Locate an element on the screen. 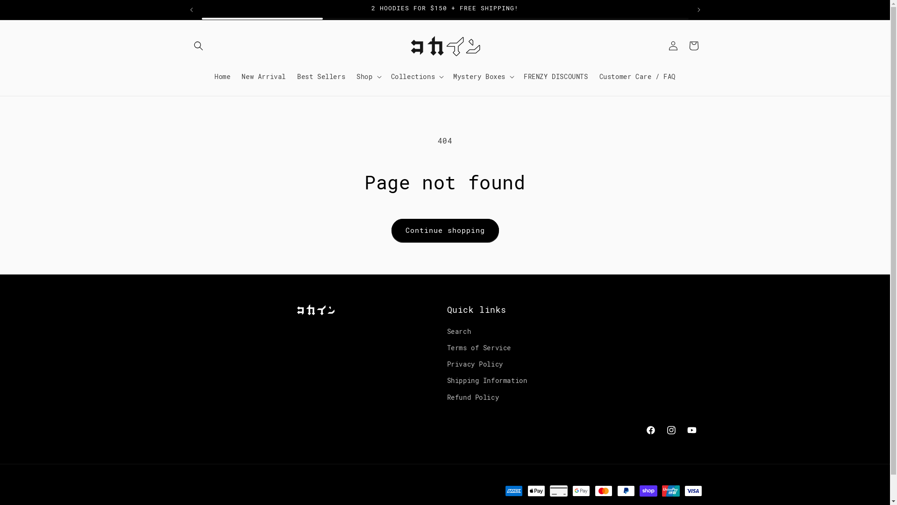 The image size is (897, 505). 'Home' is located at coordinates (208, 75).